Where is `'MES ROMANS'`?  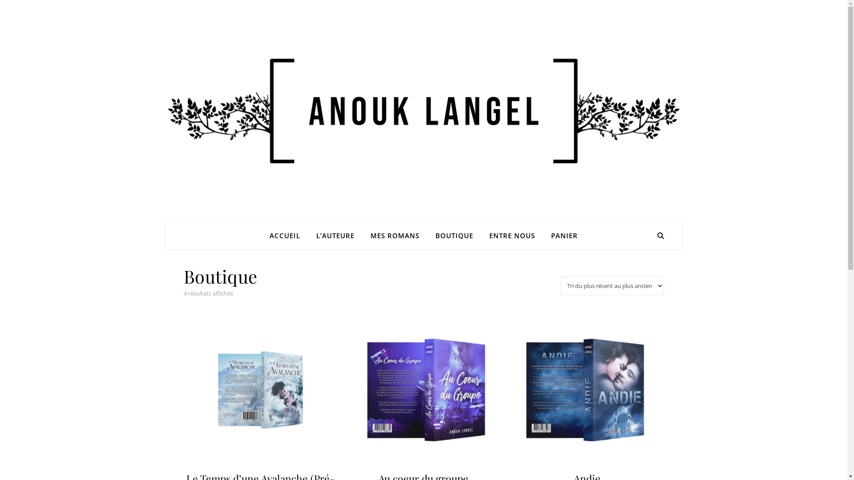 'MES ROMANS' is located at coordinates (395, 235).